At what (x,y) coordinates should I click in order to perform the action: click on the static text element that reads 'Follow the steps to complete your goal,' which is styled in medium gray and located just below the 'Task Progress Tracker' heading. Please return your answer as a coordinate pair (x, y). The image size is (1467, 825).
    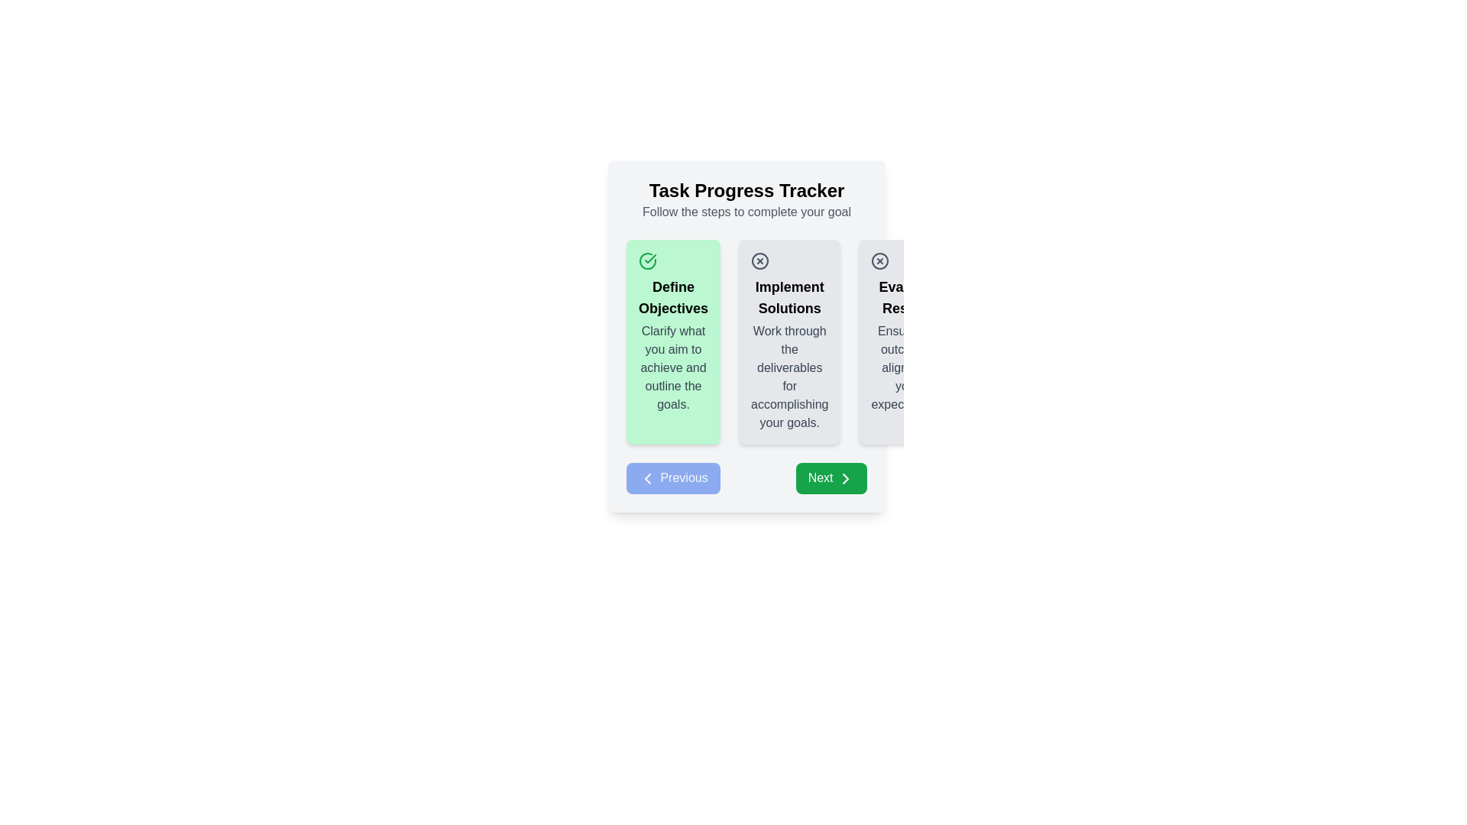
    Looking at the image, I should click on (746, 212).